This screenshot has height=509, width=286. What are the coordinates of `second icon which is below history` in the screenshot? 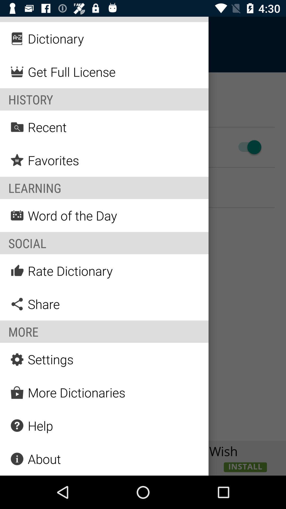 It's located at (17, 160).